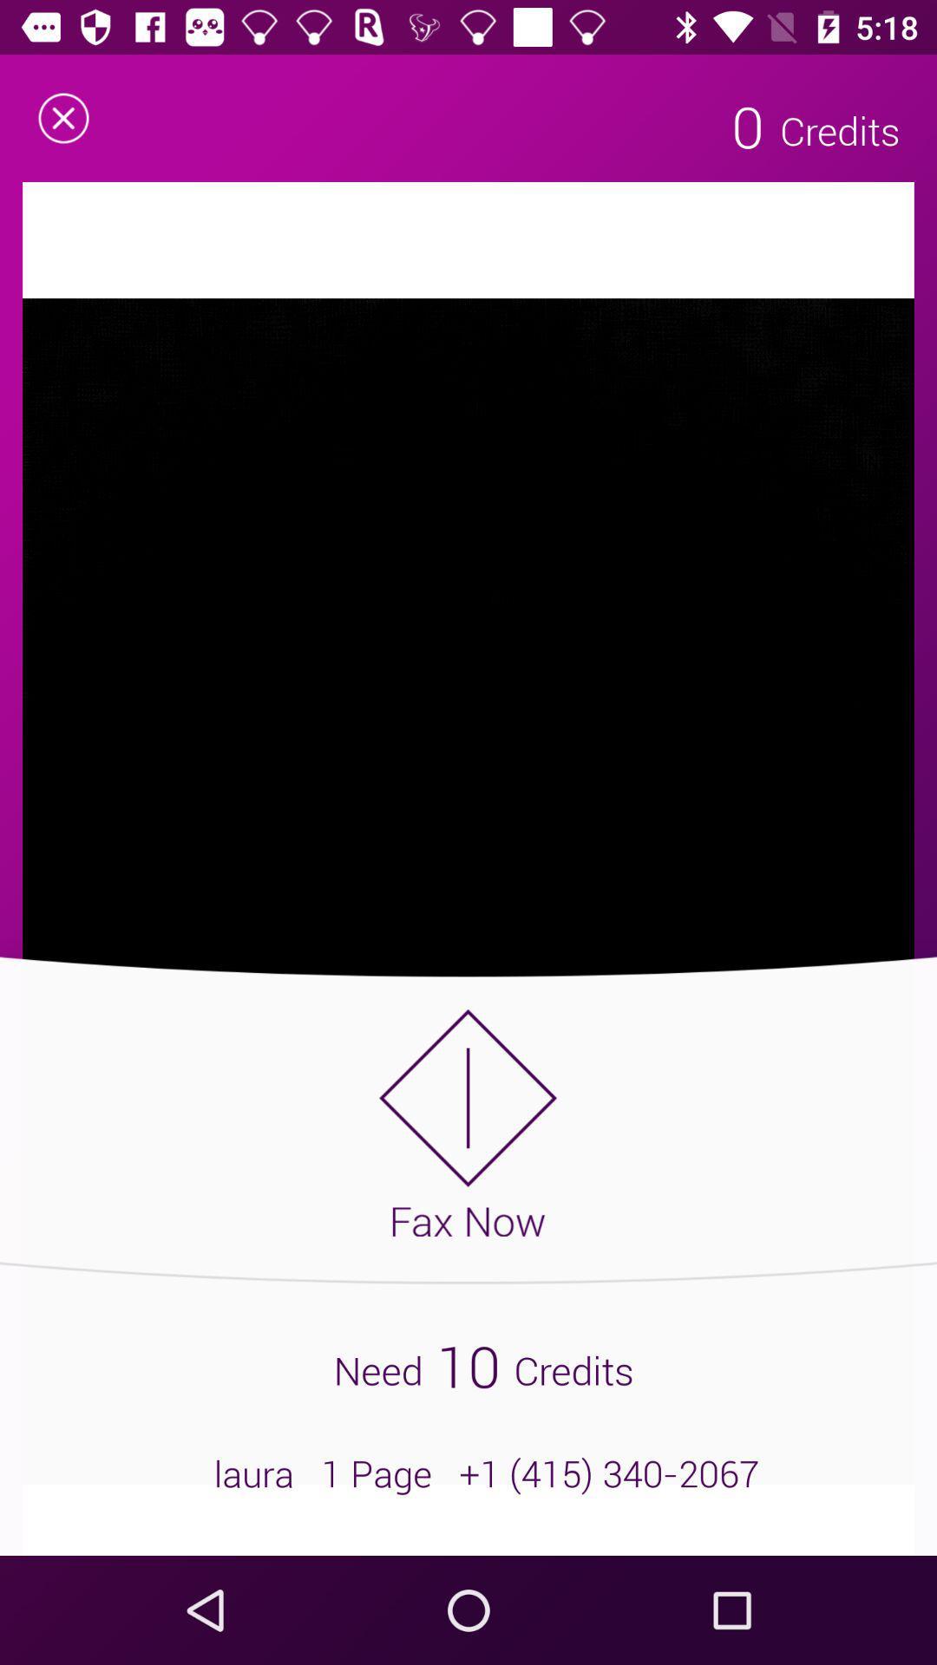 The height and width of the screenshot is (1665, 937). Describe the element at coordinates (468, 1472) in the screenshot. I see `item below  10  icon` at that location.